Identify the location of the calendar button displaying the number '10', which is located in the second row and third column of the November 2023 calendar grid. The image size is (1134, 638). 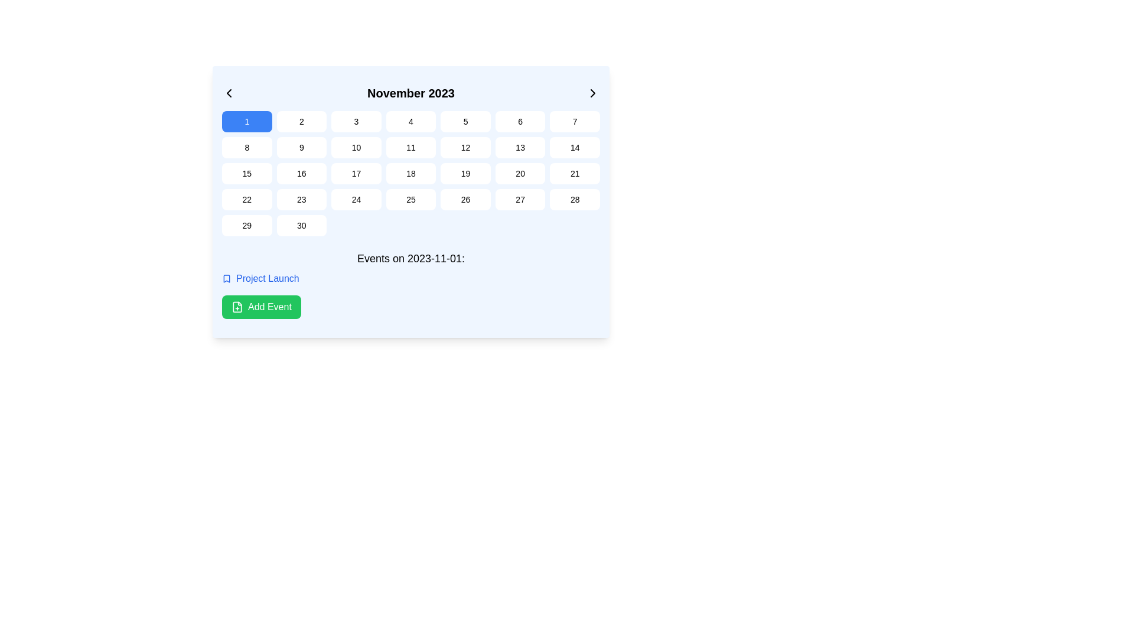
(356, 147).